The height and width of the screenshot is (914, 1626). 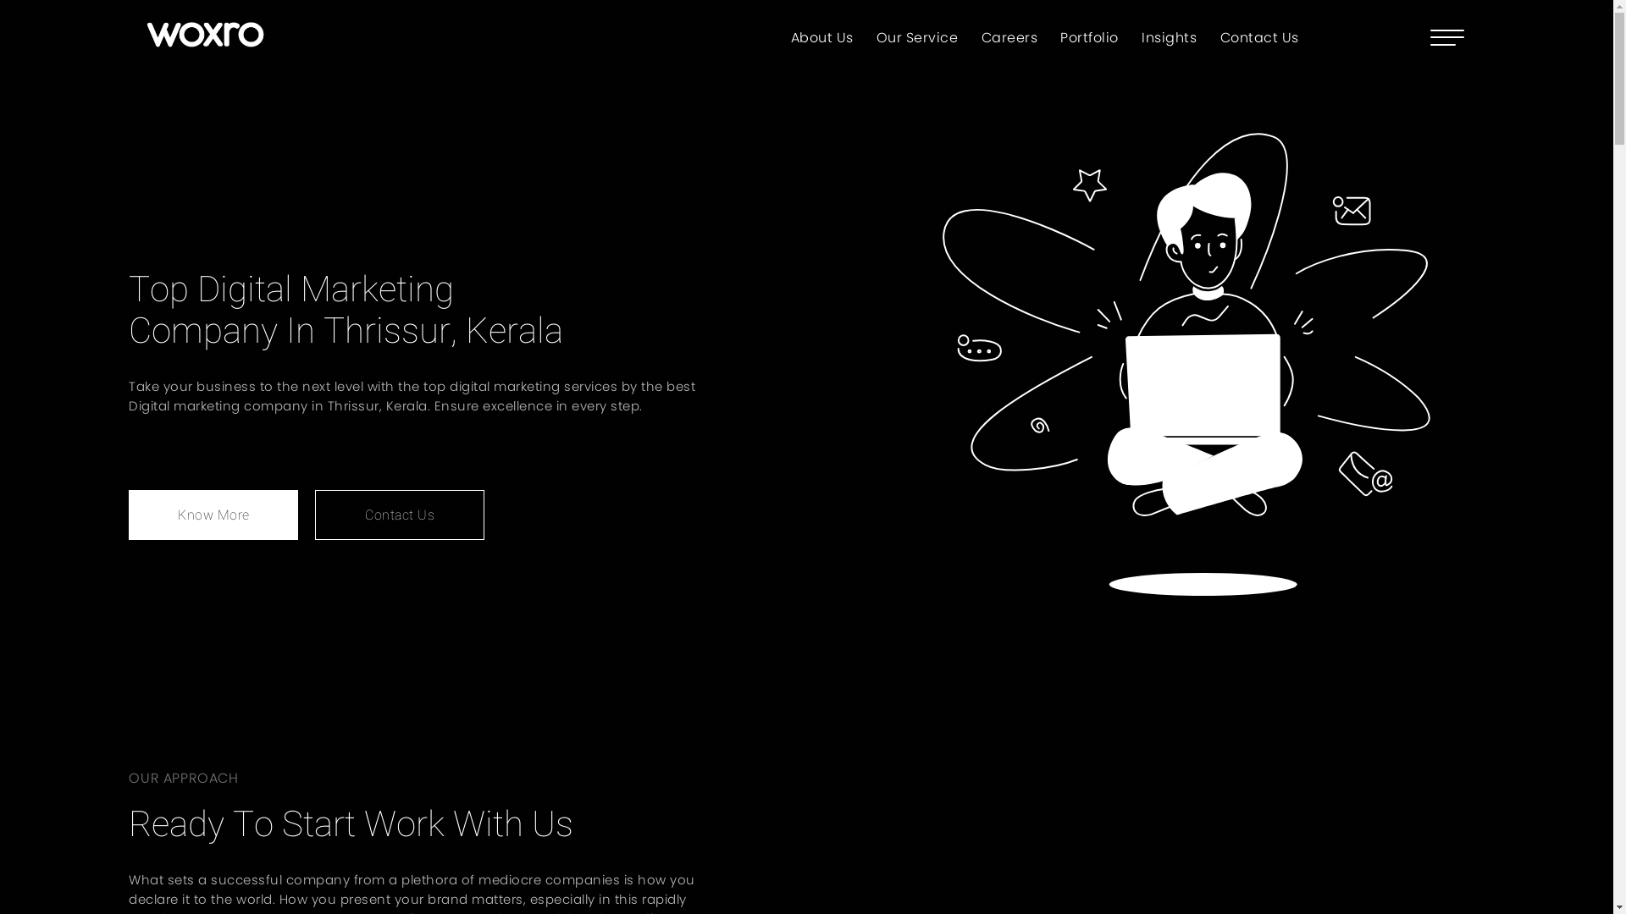 What do you see at coordinates (1089, 36) in the screenshot?
I see `'Portfolio'` at bounding box center [1089, 36].